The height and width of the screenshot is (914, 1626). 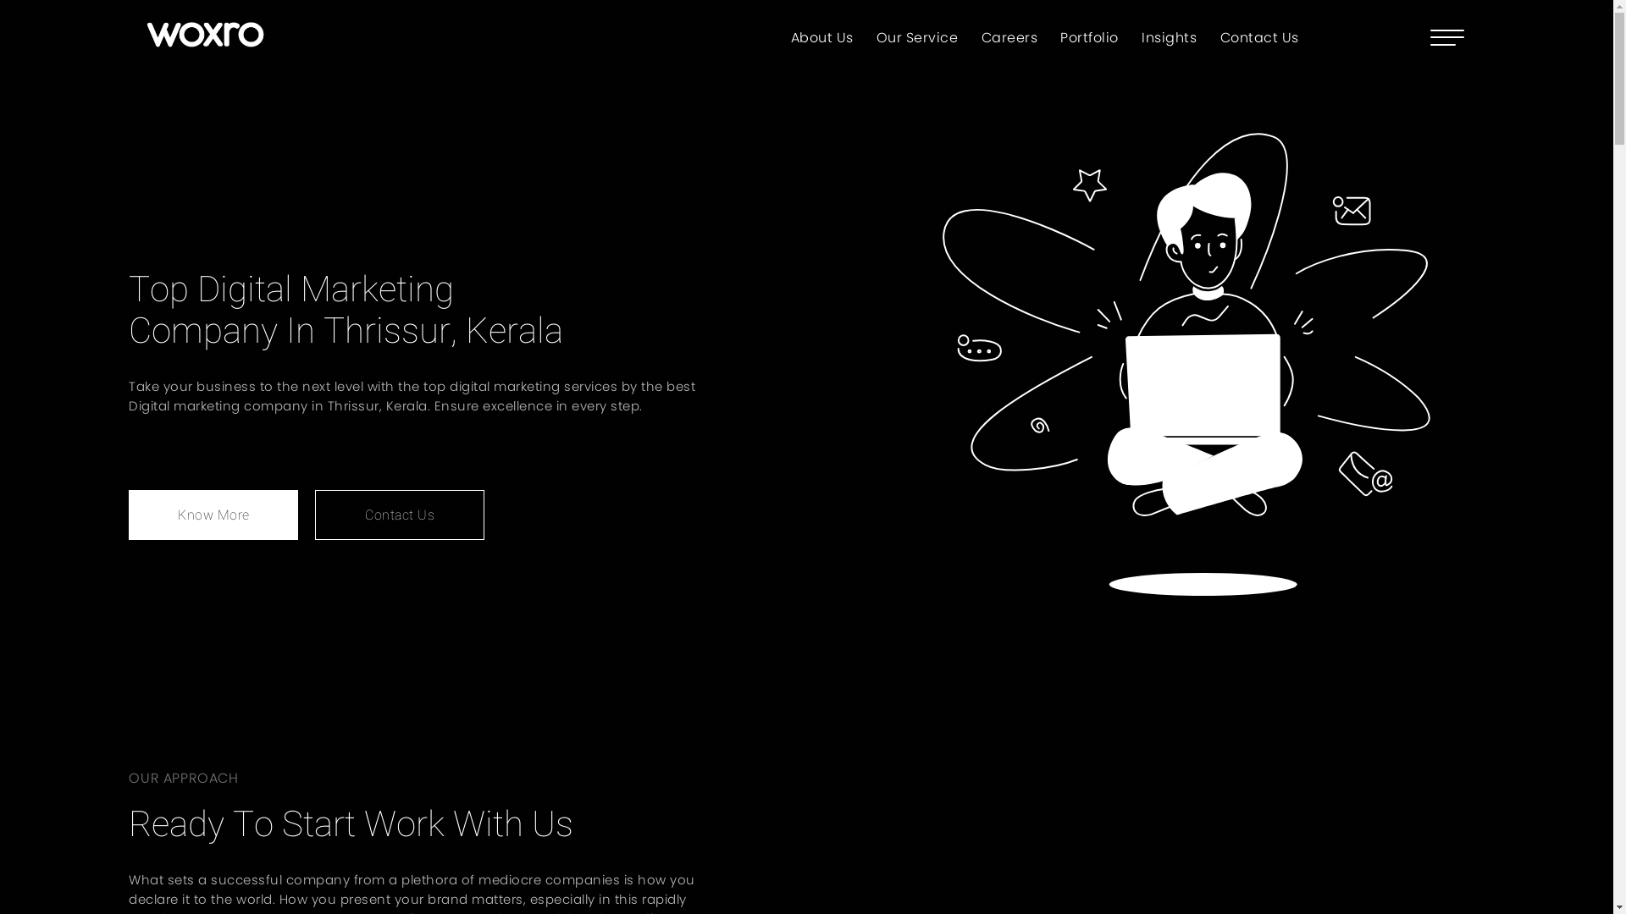 What do you see at coordinates (1089, 36) in the screenshot?
I see `'Portfolio'` at bounding box center [1089, 36].